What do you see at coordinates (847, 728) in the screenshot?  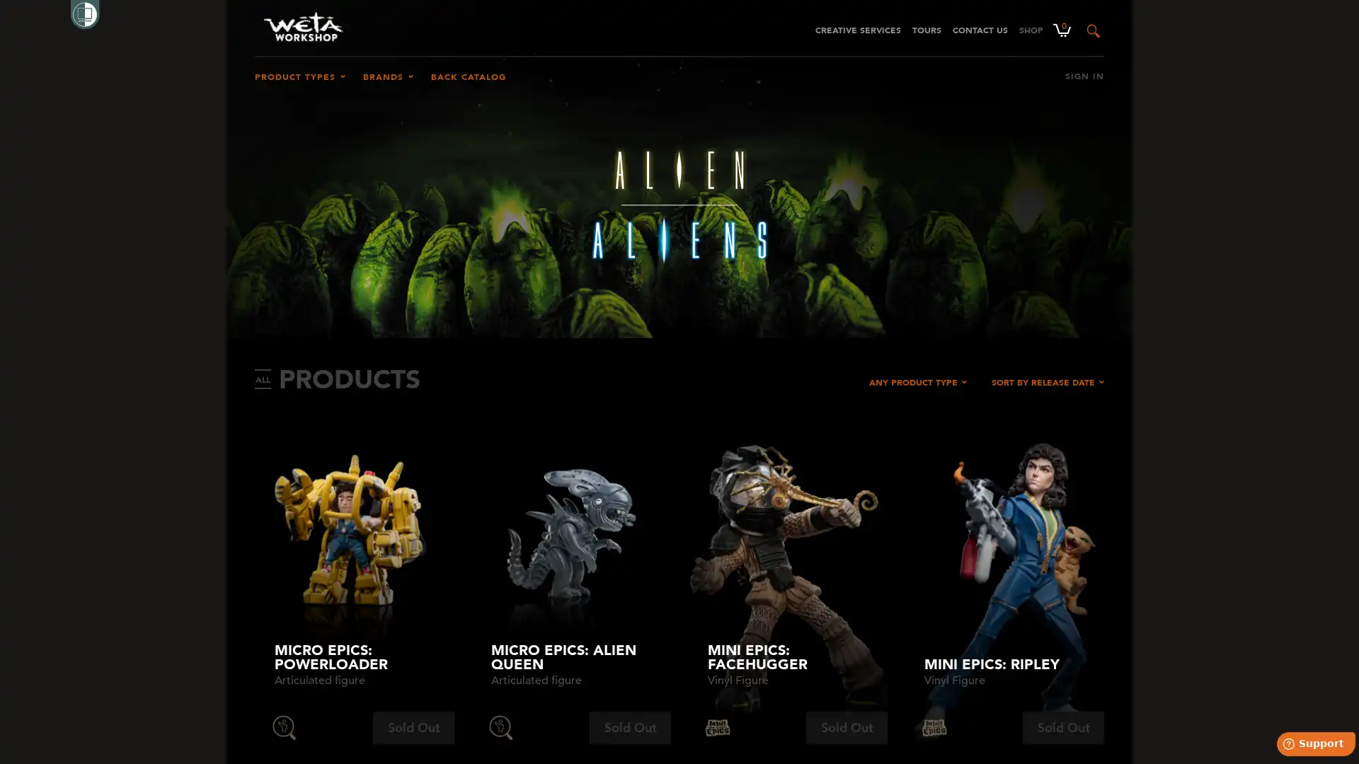 I see `Sold Out` at bounding box center [847, 728].